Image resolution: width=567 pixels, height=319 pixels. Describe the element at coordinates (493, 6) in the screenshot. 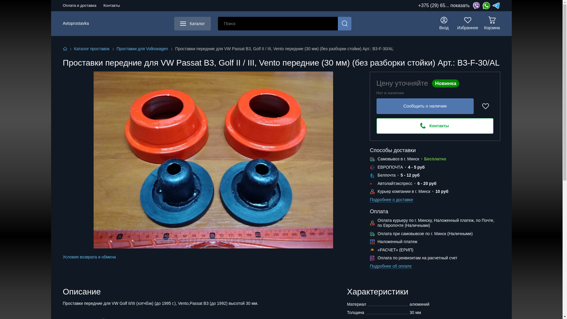

I see `'Telegram'` at that location.